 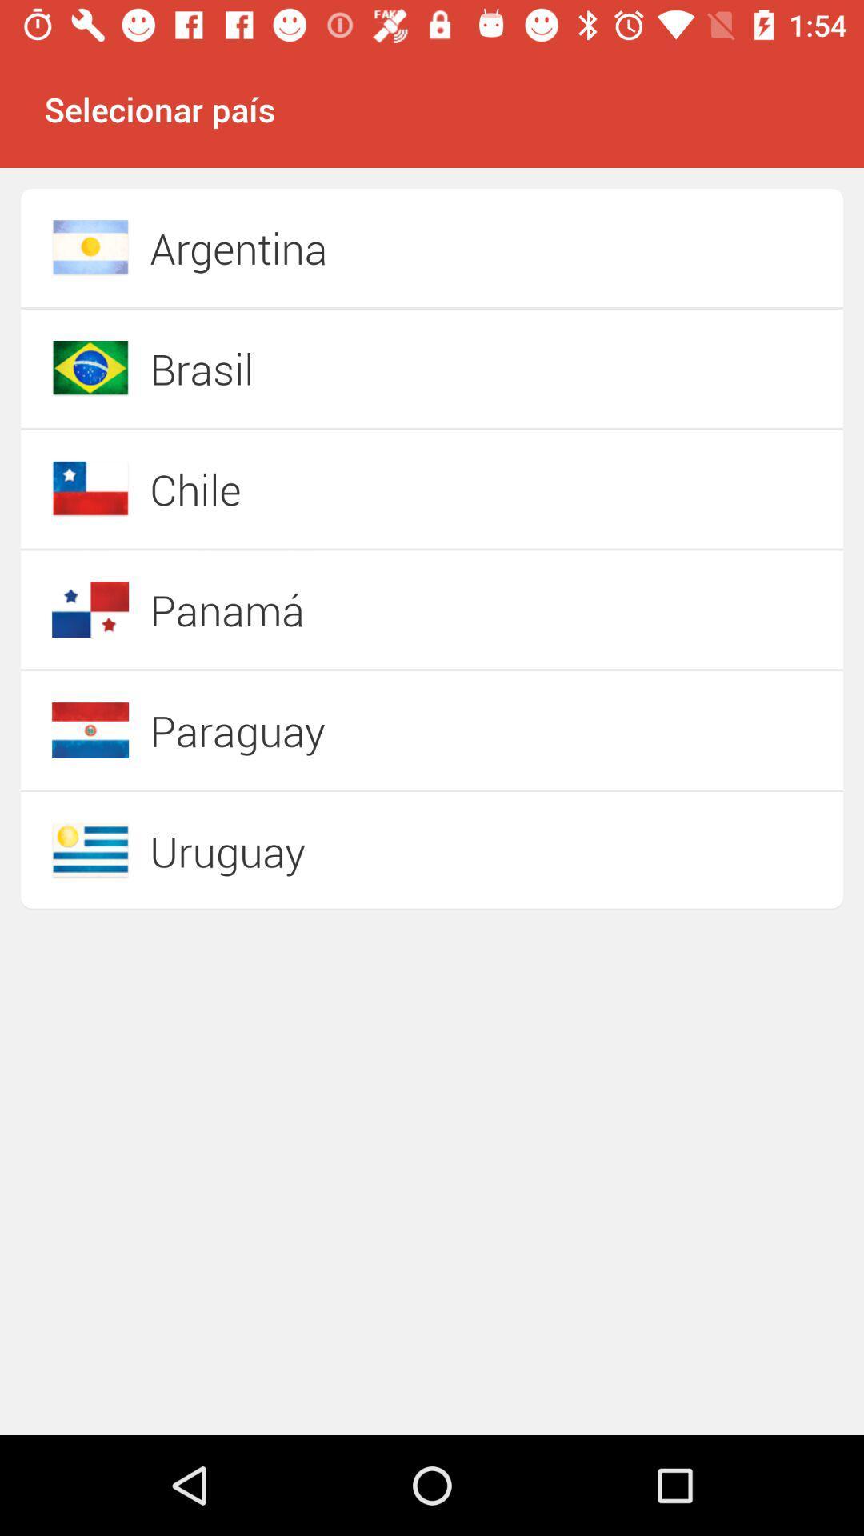 What do you see at coordinates (375, 367) in the screenshot?
I see `item above chile item` at bounding box center [375, 367].